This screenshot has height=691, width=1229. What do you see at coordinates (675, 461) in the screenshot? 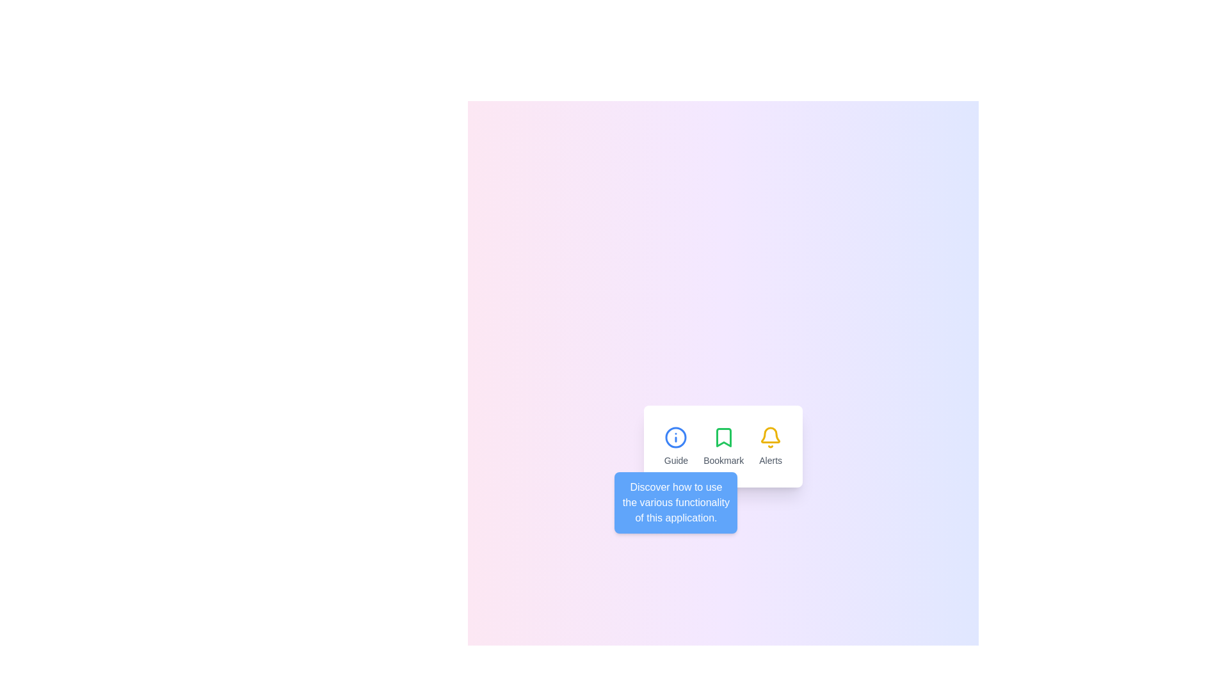
I see `the Text label that provides additional context for the adjacent 'info' icon, located centrally within the tooltip component` at bounding box center [675, 461].